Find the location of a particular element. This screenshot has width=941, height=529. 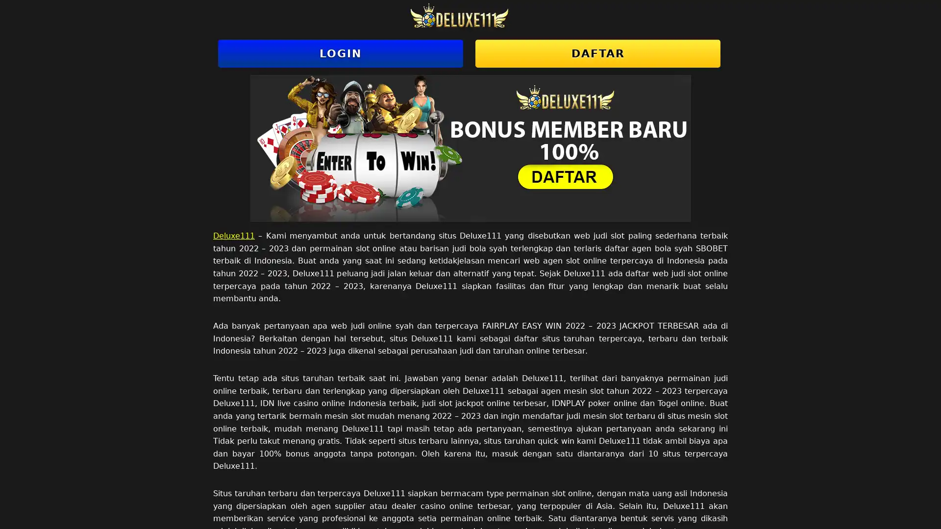

LOGIN is located at coordinates (341, 53).